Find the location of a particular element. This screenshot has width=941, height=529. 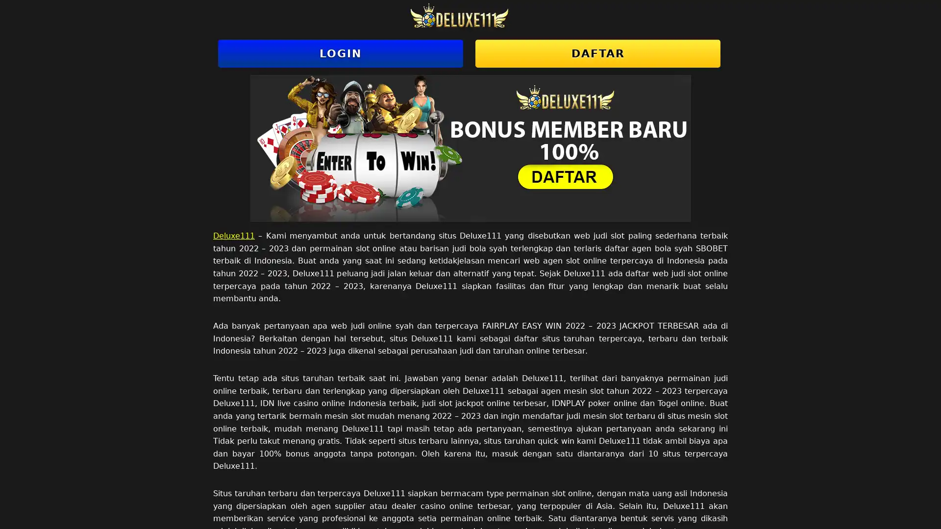

LOGIN is located at coordinates (341, 53).